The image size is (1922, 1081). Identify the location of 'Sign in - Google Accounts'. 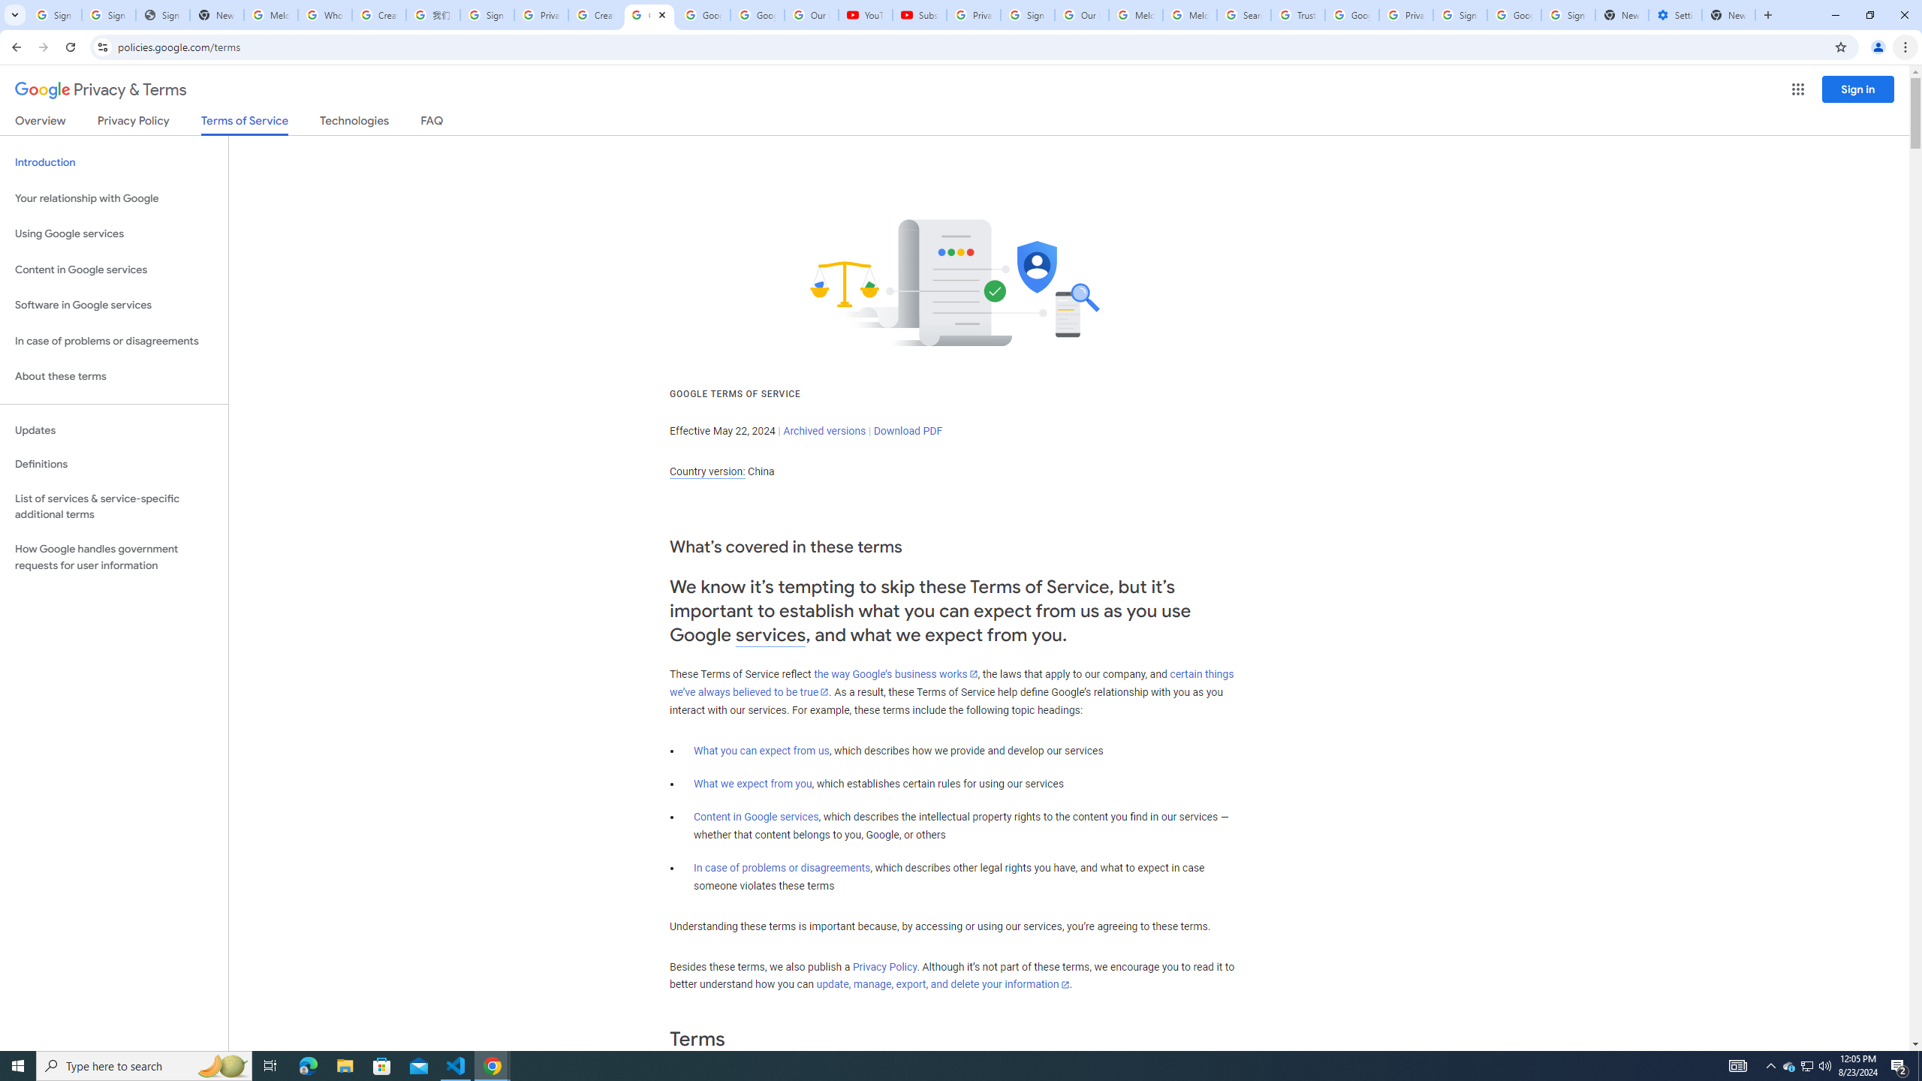
(487, 14).